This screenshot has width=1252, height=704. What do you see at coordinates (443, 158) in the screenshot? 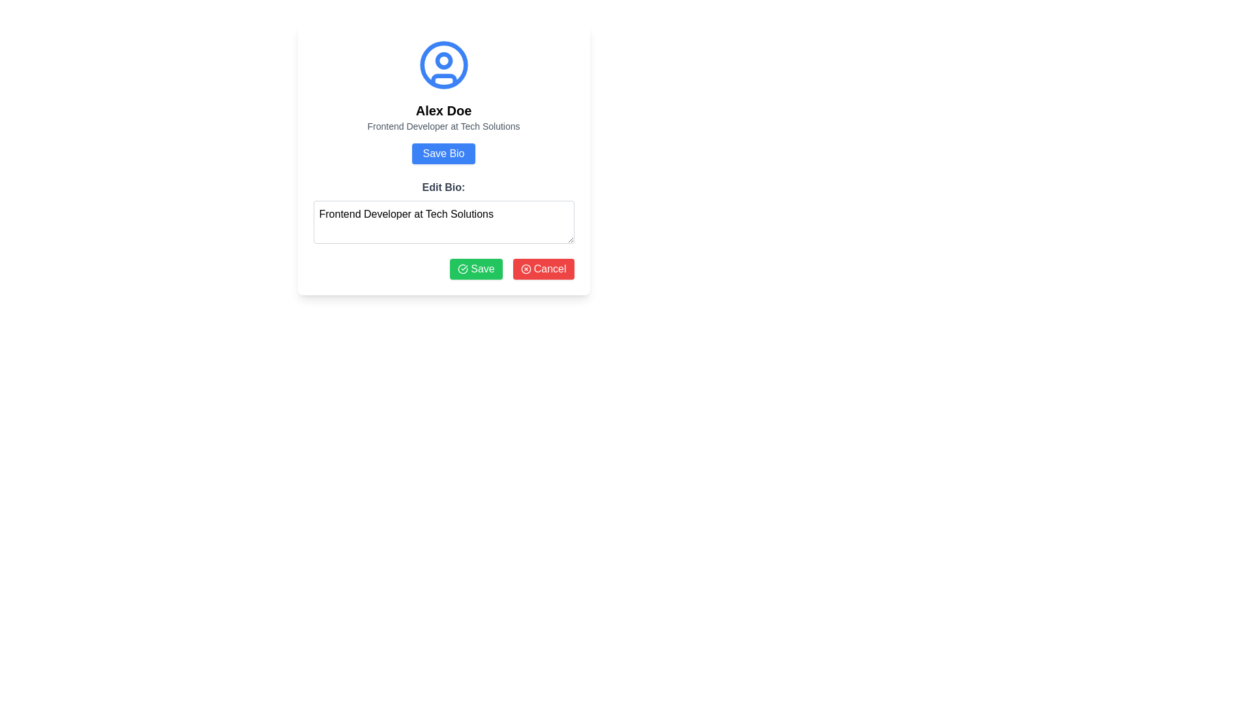
I see `the save button located below the user's name 'Alex Doe' and job title 'Frontend Developer at Tech Solutions' to confirm and save bio changes` at bounding box center [443, 158].